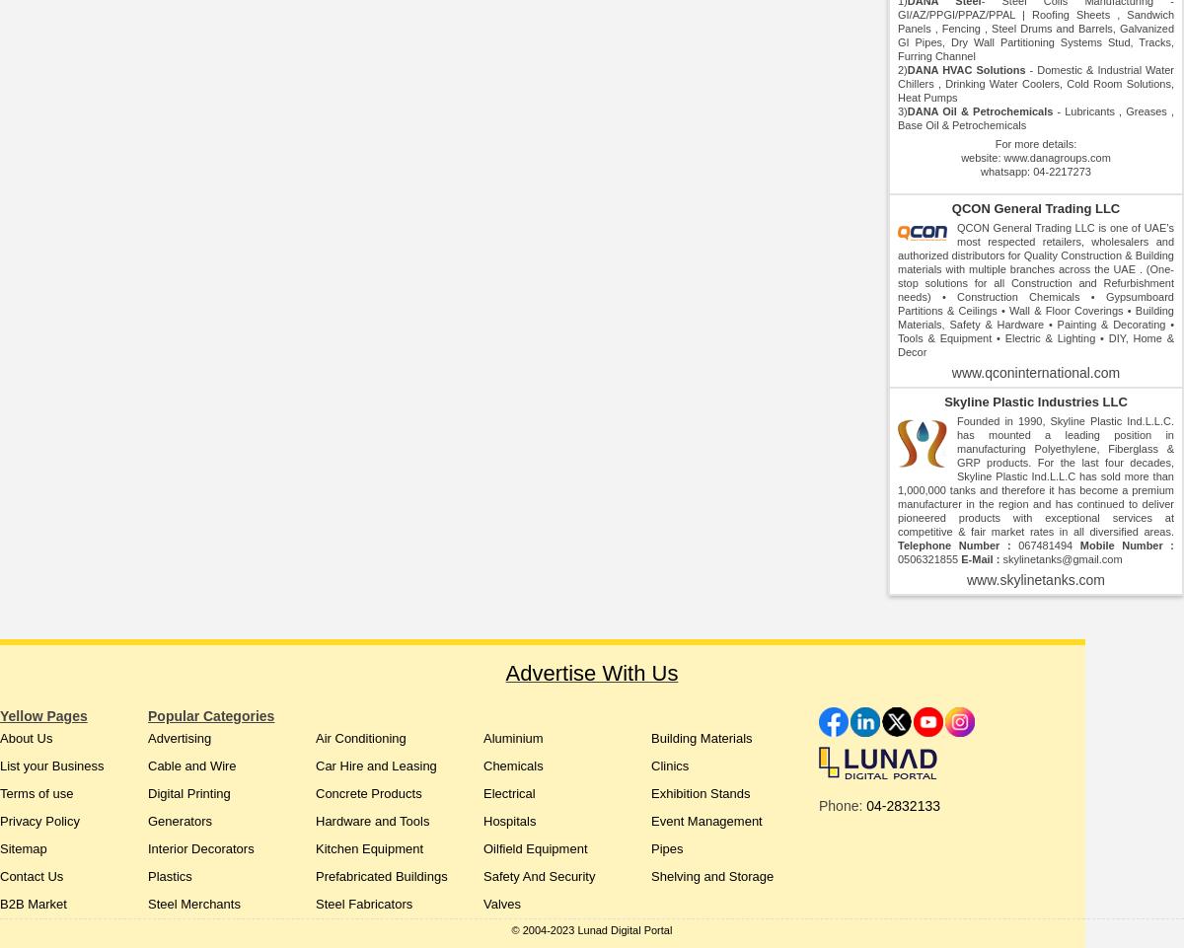  Describe the element at coordinates (961, 157) in the screenshot. I see `'website:'` at that location.